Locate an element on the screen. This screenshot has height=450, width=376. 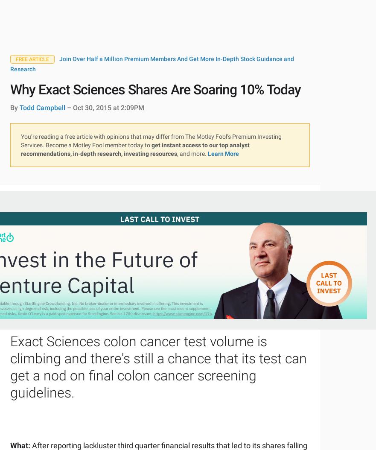
'2 Cathie Wood Stocks Up by 35% and 70% That Could Make You Richer' is located at coordinates (149, 74).